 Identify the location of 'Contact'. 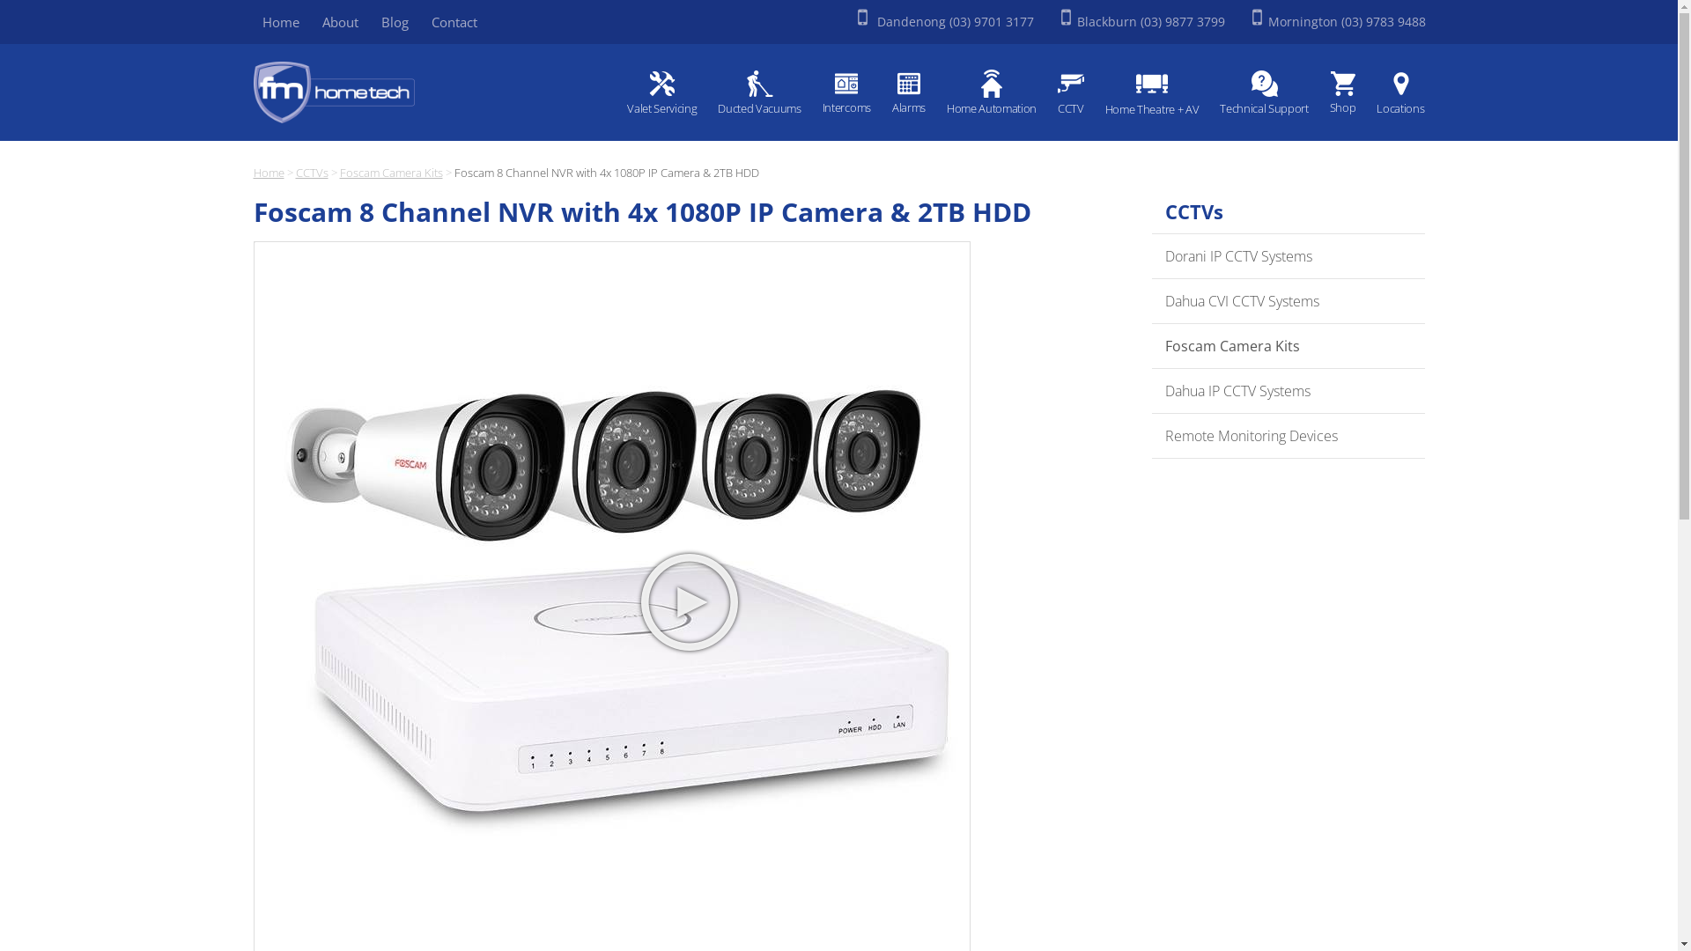
(421, 21).